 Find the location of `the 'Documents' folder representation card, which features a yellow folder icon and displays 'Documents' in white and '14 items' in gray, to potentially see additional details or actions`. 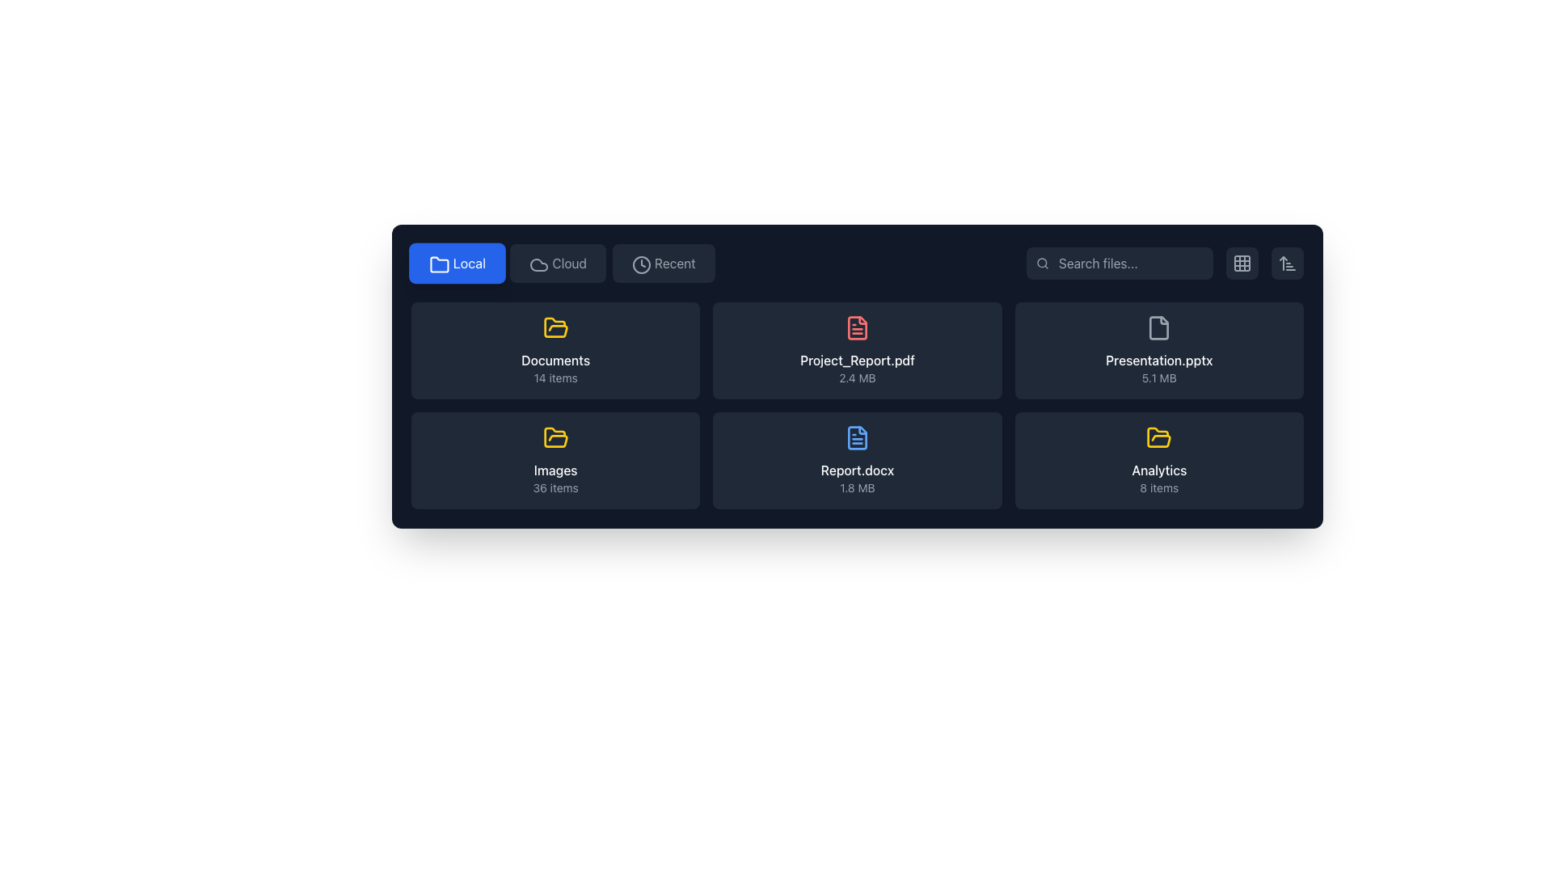

the 'Documents' folder representation card, which features a yellow folder icon and displays 'Documents' in white and '14 items' in gray, to potentially see additional details or actions is located at coordinates (555, 350).